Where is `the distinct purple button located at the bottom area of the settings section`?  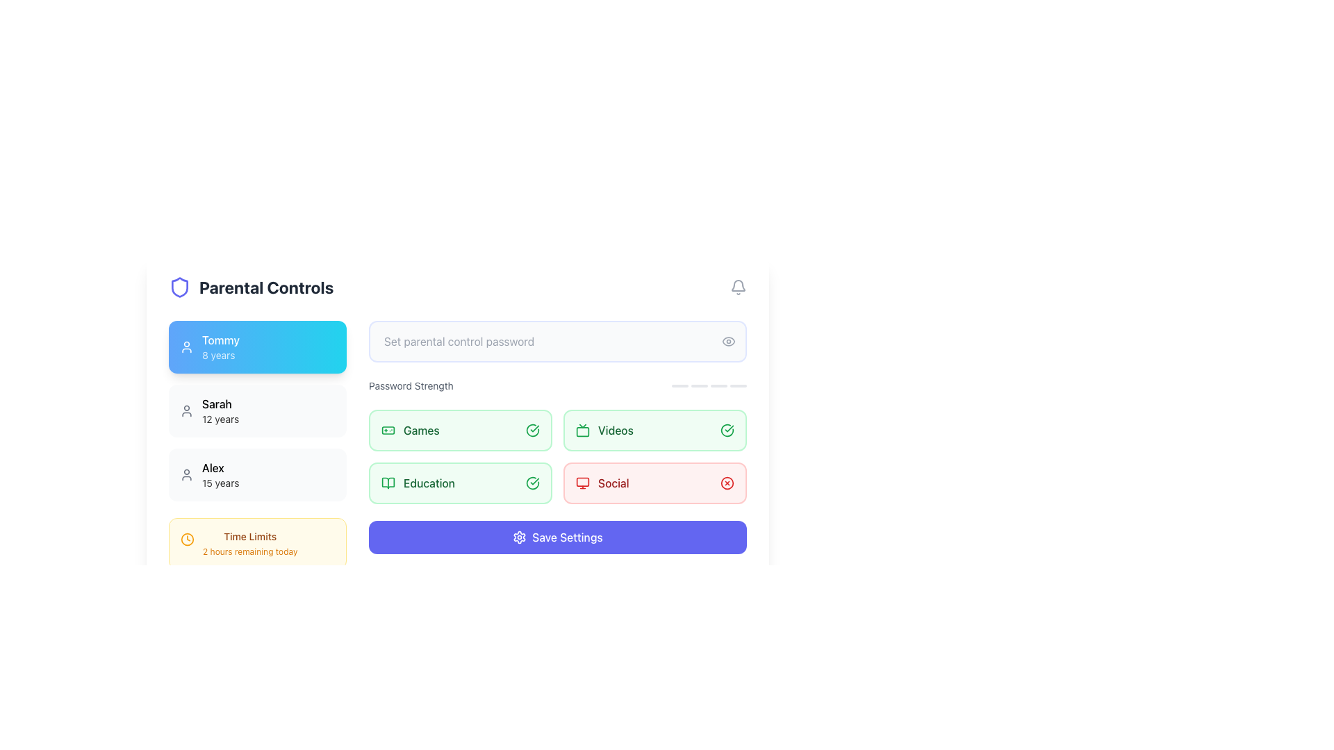
the distinct purple button located at the bottom area of the settings section is located at coordinates (557, 537).